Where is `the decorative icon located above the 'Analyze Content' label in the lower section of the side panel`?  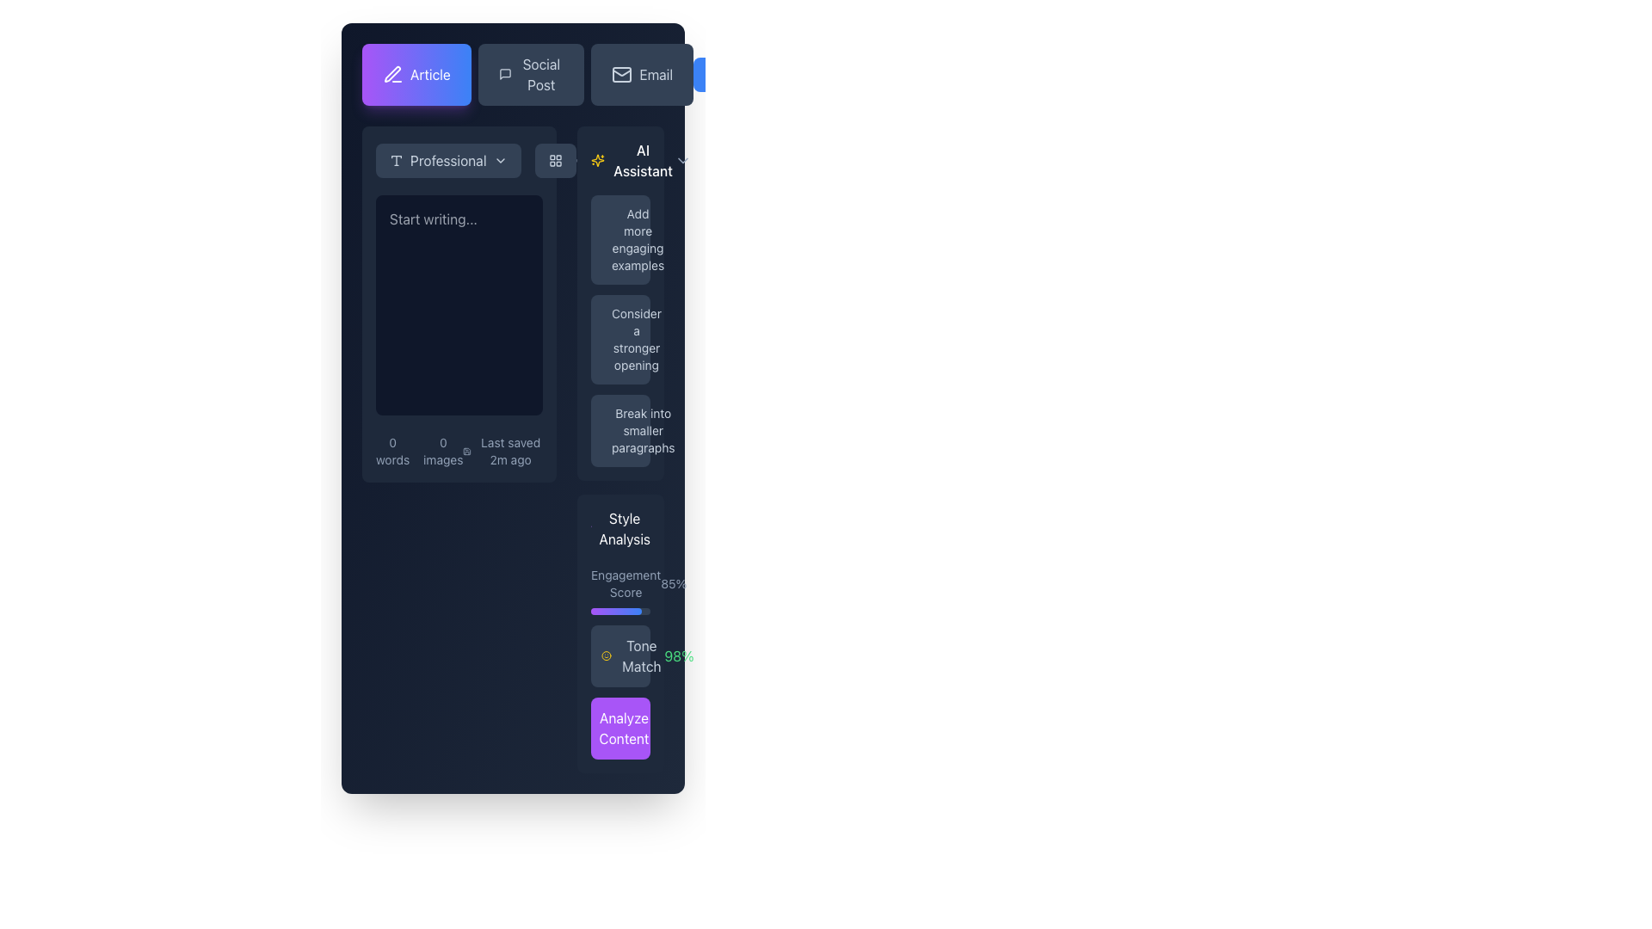 the decorative icon located above the 'Analyze Content' label in the lower section of the side panel is located at coordinates (602, 729).